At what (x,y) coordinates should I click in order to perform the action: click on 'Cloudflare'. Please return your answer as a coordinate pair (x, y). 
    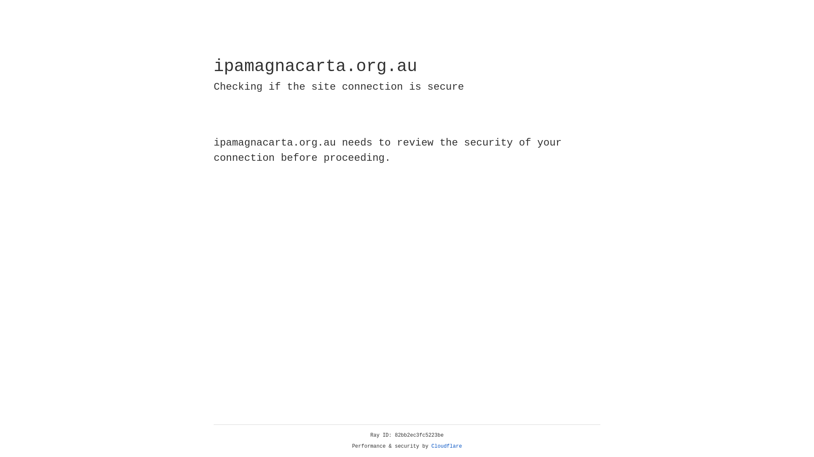
    Looking at the image, I should click on (431, 446).